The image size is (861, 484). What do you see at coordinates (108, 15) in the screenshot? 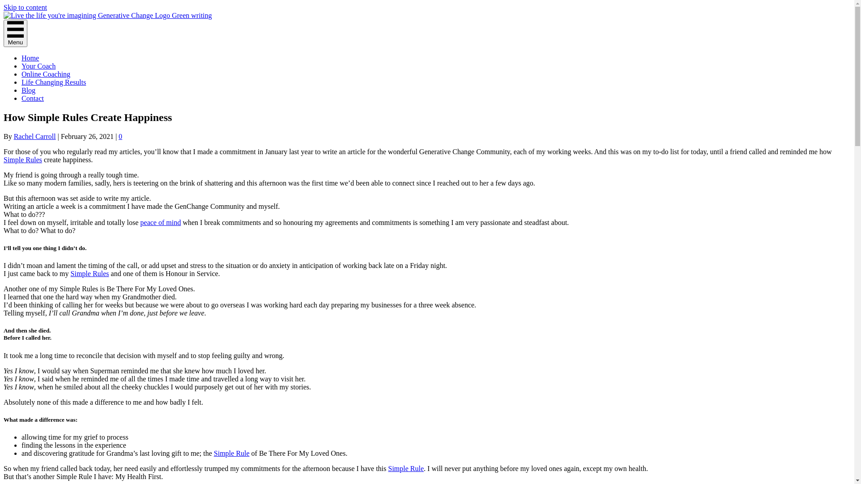
I see `'logo-generative-change'` at bounding box center [108, 15].